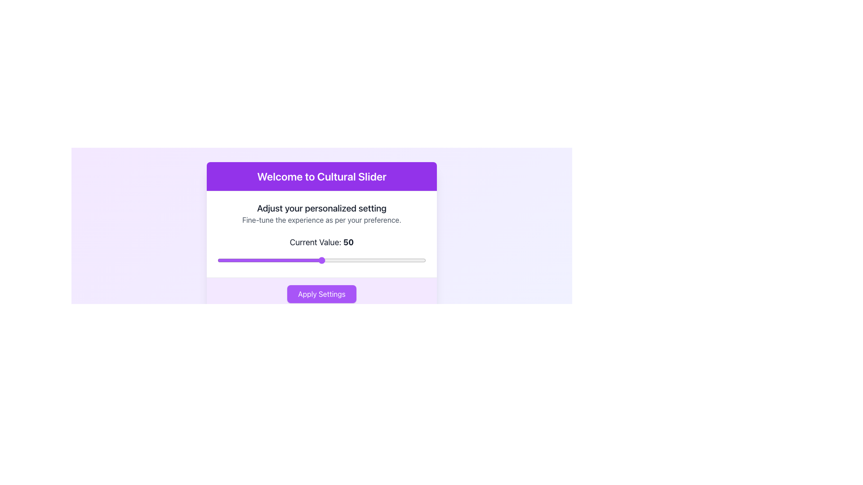 This screenshot has width=863, height=485. I want to click on the slider, so click(293, 260).